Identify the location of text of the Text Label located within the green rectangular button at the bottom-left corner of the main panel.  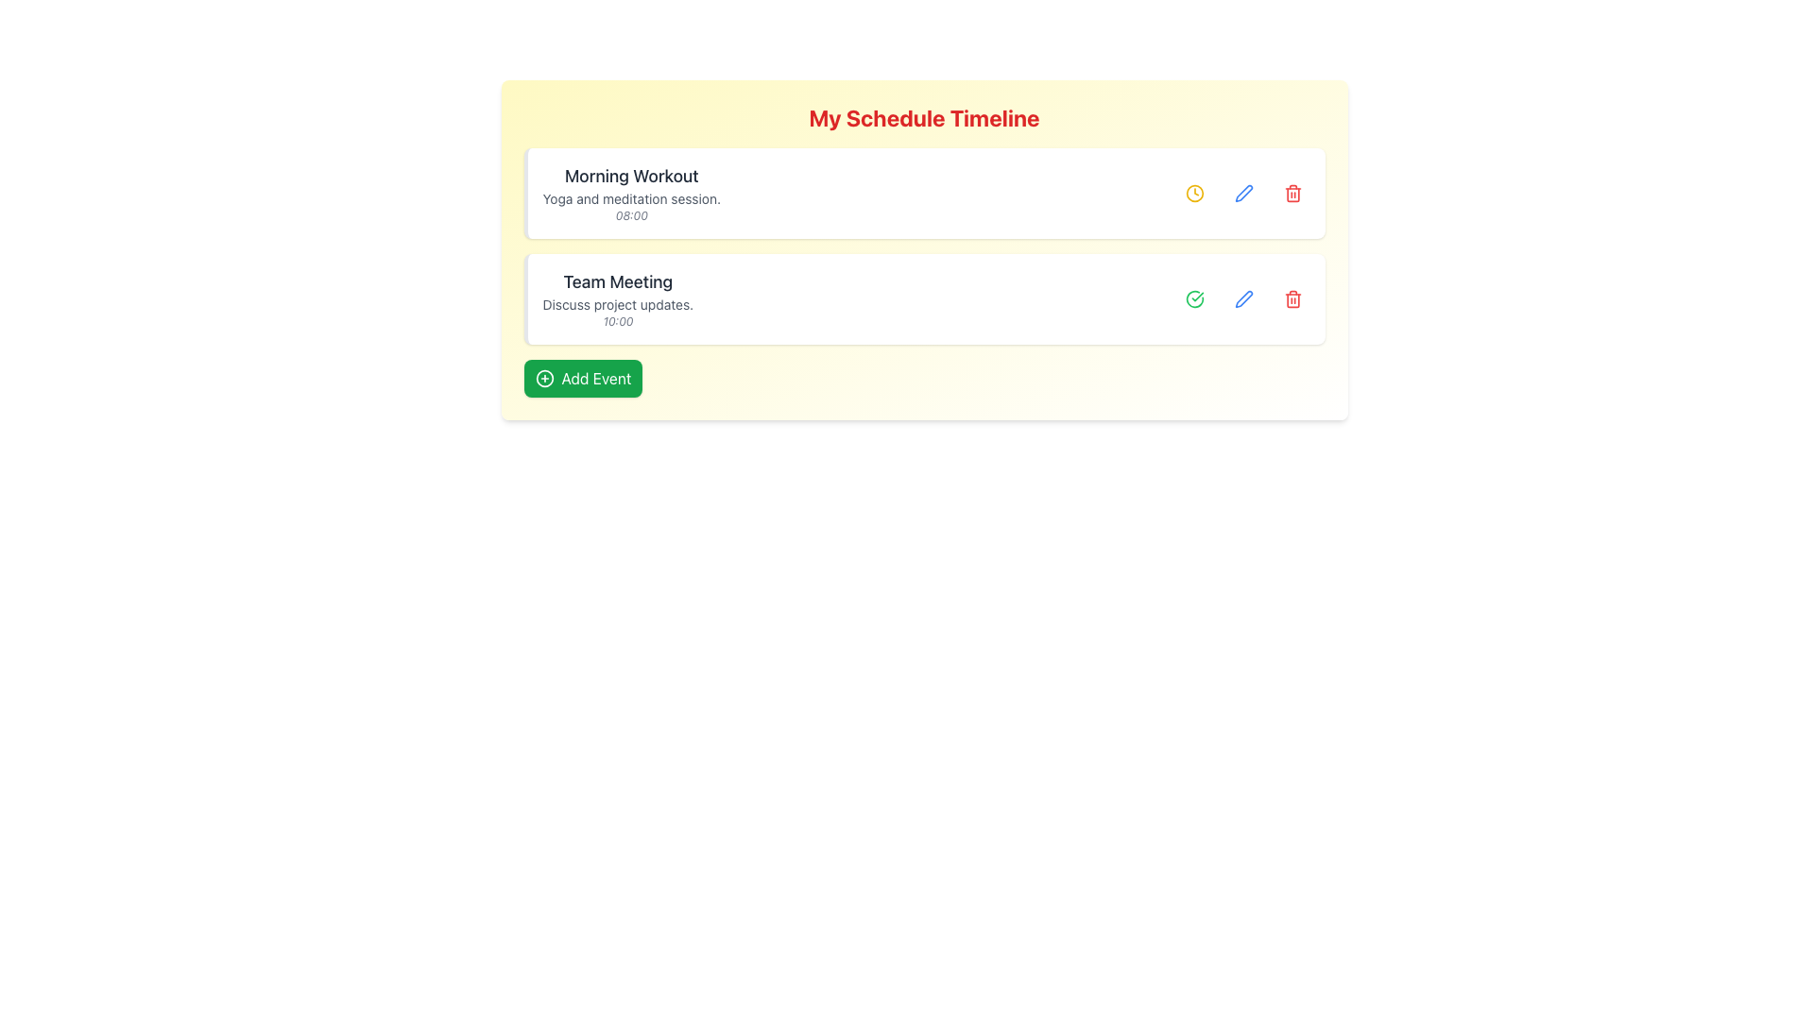
(595, 379).